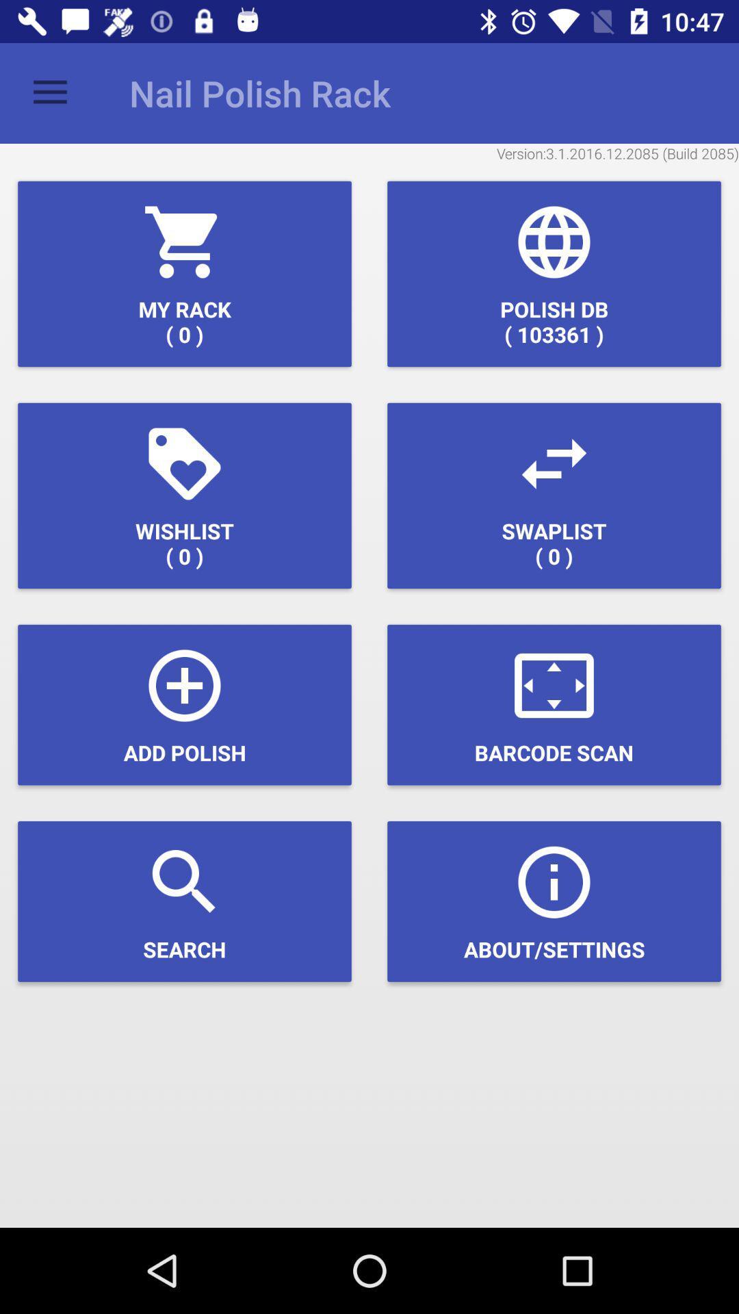  Describe the element at coordinates (554, 705) in the screenshot. I see `the item above the about/settings item` at that location.